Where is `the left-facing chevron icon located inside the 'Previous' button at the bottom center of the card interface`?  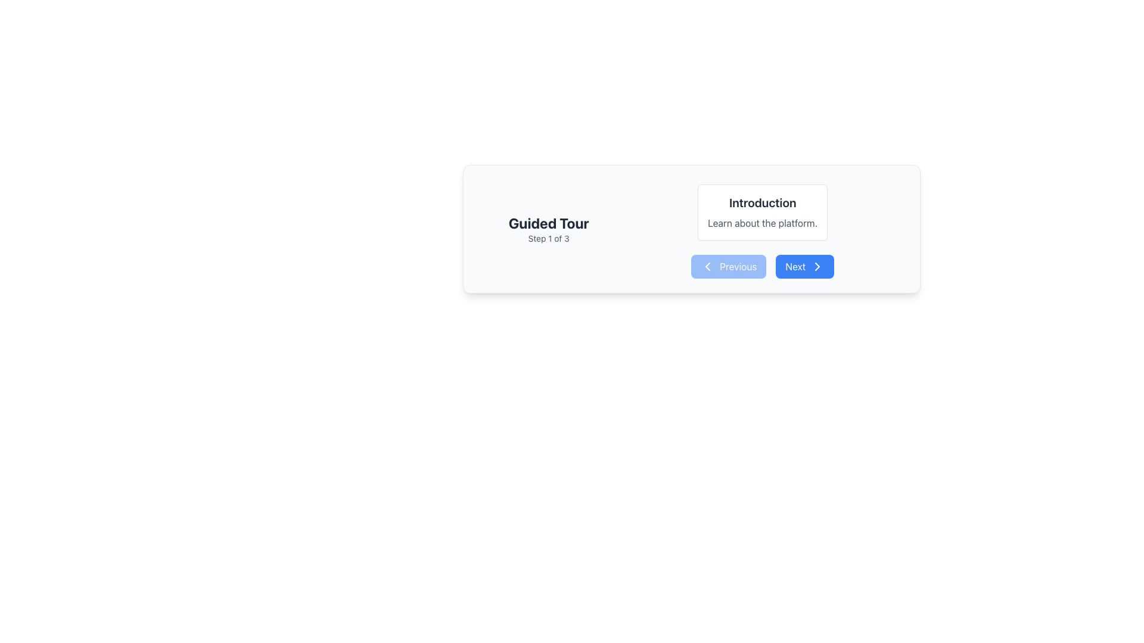
the left-facing chevron icon located inside the 'Previous' button at the bottom center of the card interface is located at coordinates (708, 266).